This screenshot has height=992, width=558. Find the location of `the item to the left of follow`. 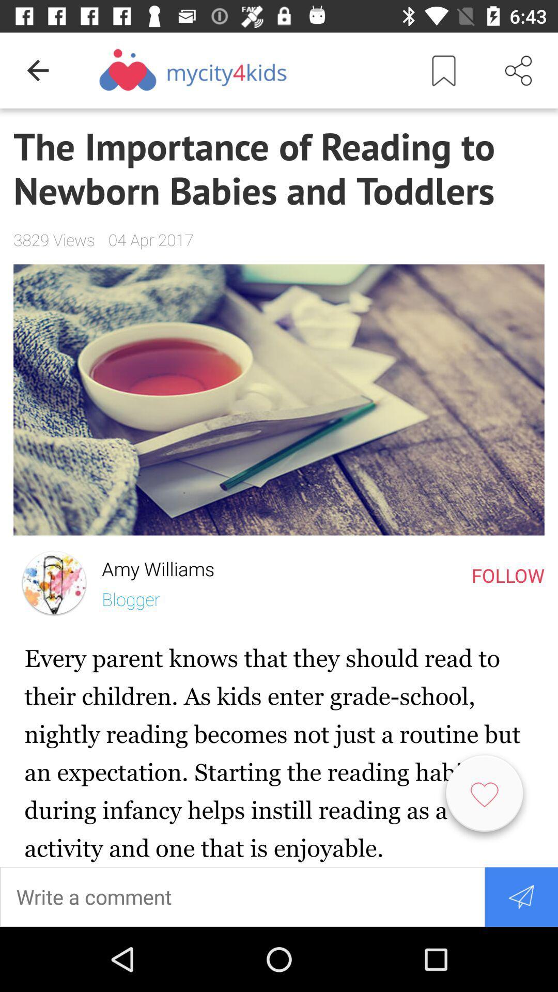

the item to the left of follow is located at coordinates (151, 566).